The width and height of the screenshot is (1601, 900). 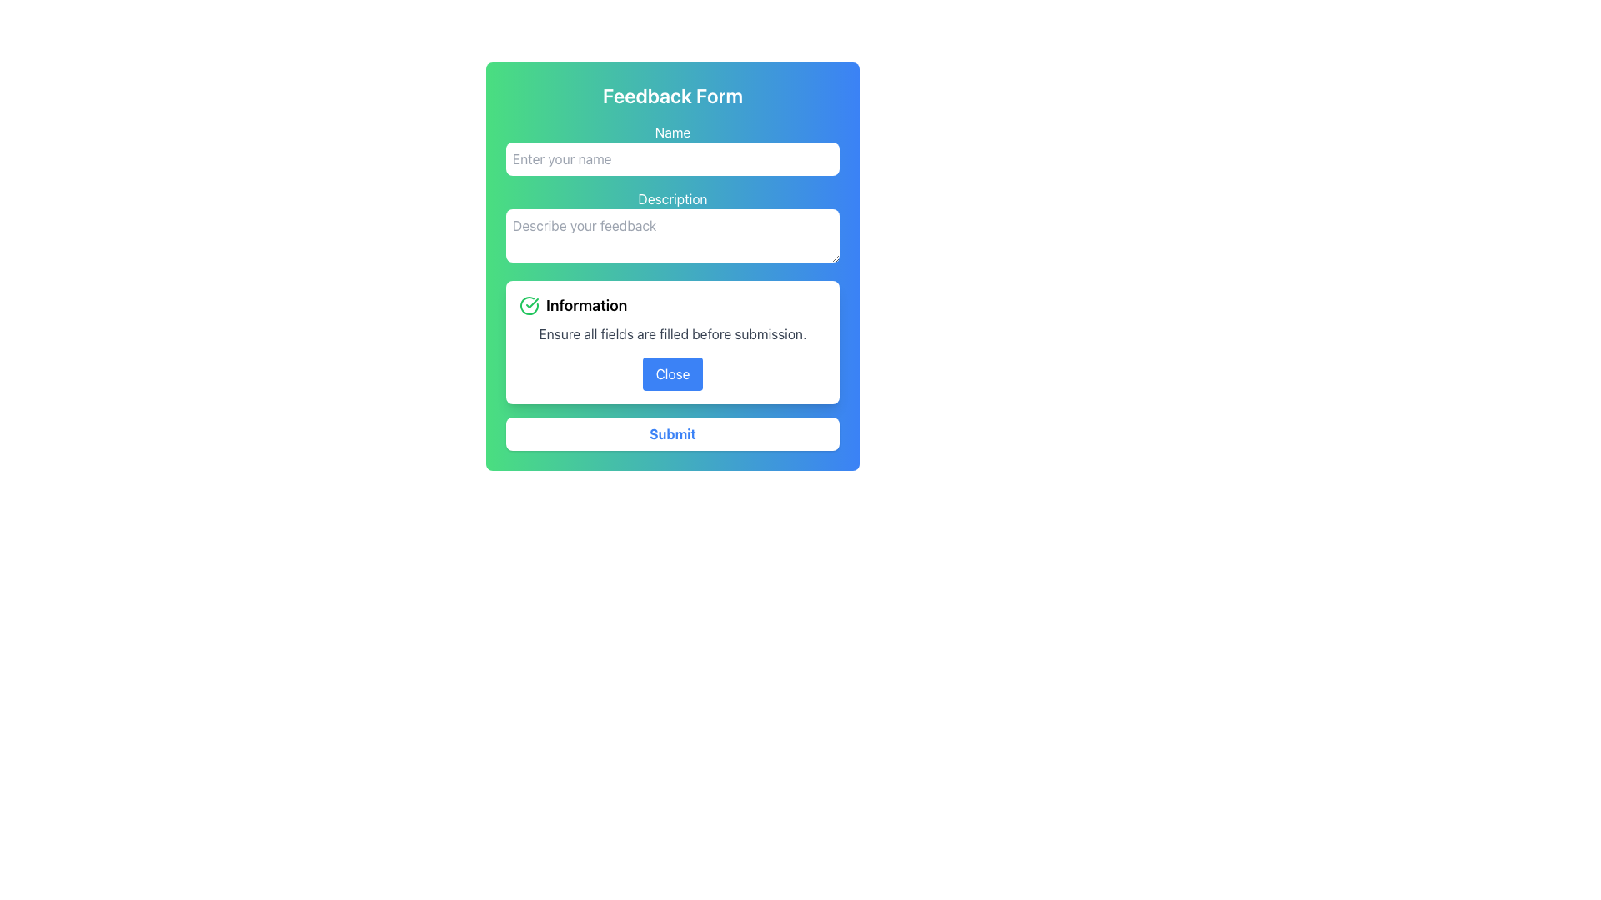 What do you see at coordinates (531, 302) in the screenshot?
I see `the green checkmark icon located in the notification panel, which is positioned below the 'Description' field and above the 'Close' button` at bounding box center [531, 302].